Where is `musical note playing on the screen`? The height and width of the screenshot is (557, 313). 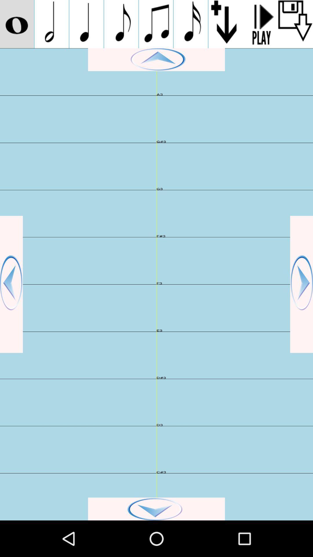
musical note playing on the screen is located at coordinates (191, 24).